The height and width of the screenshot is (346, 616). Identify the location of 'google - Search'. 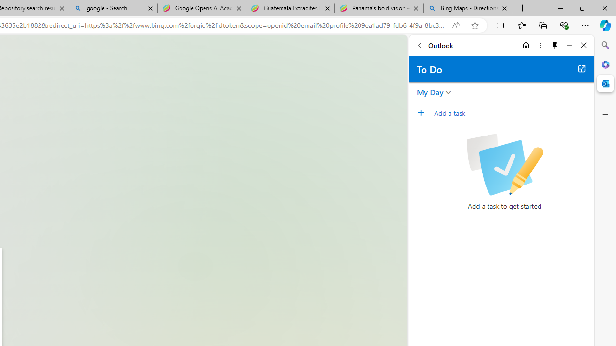
(113, 8).